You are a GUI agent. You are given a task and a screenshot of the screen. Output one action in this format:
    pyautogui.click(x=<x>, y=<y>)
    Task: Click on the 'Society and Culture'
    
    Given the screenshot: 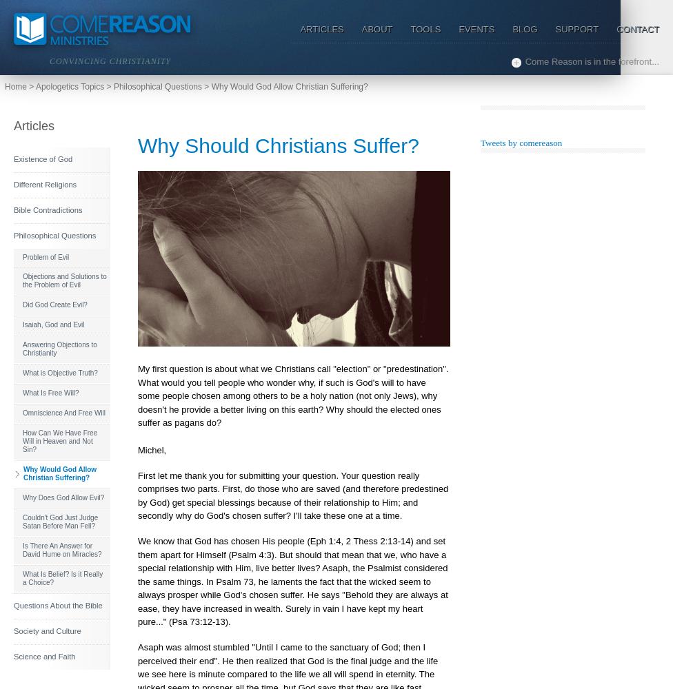 What is the action you would take?
    pyautogui.click(x=14, y=631)
    